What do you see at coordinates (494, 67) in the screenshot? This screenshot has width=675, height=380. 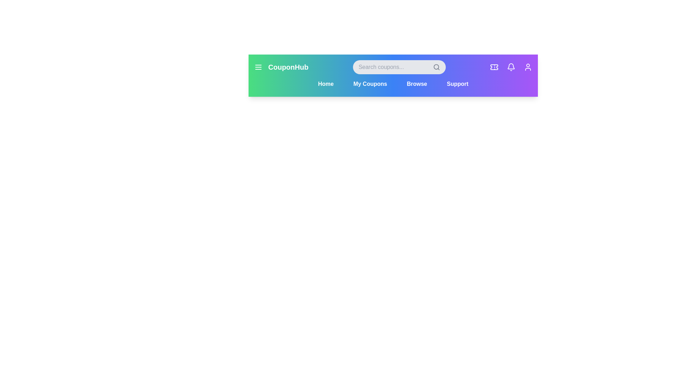 I see `the Coupons icon in the header to access its features` at bounding box center [494, 67].